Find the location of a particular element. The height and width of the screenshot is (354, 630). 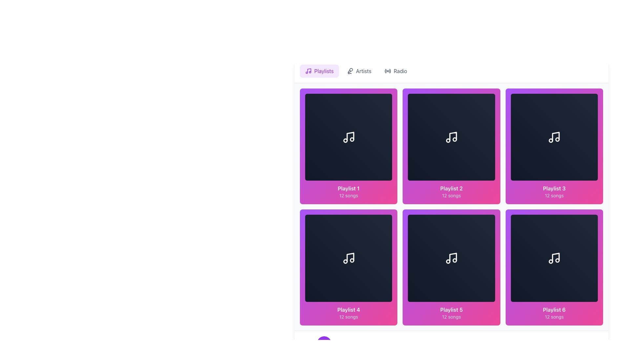

text label displaying '12 songs' located at the bottom of the 'Playlist 1' card in the grid of playlist cards is located at coordinates (348, 195).